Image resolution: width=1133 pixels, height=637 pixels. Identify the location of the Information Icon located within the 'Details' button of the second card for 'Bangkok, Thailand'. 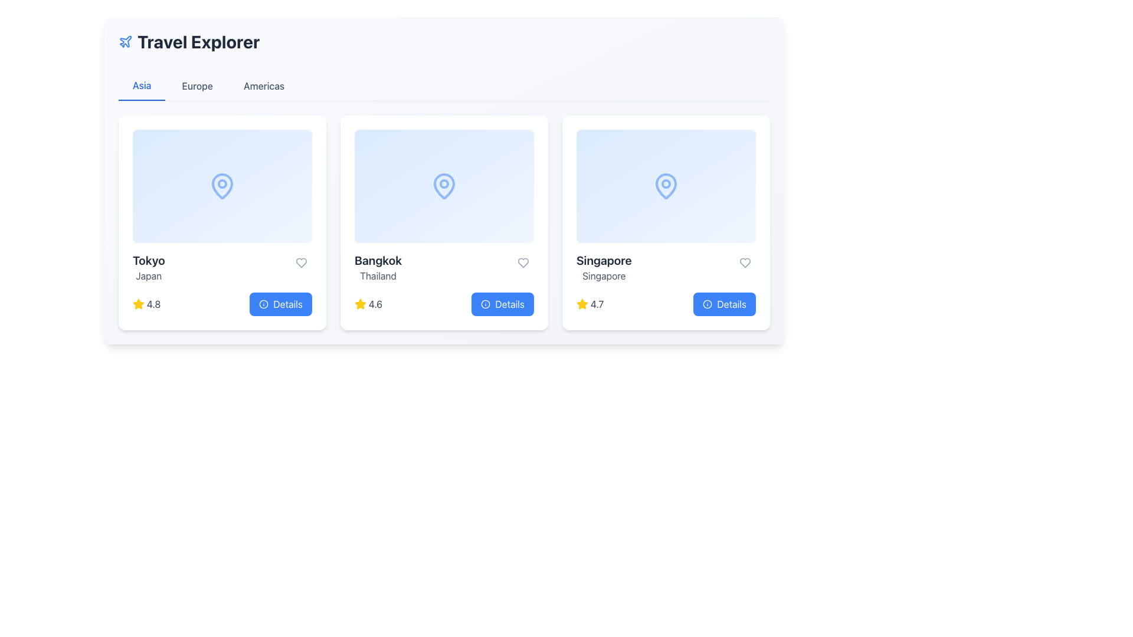
(486, 304).